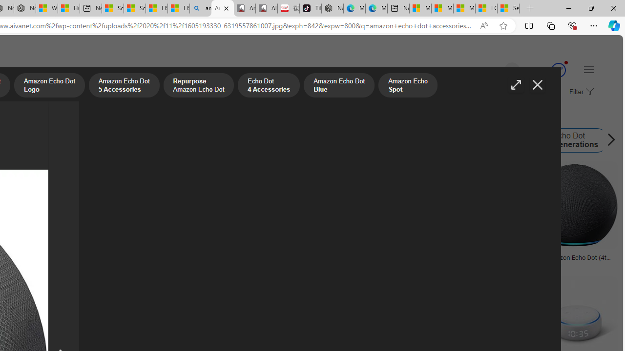  What do you see at coordinates (46, 8) in the screenshot?
I see `'Wildlife - MSN'` at bounding box center [46, 8].